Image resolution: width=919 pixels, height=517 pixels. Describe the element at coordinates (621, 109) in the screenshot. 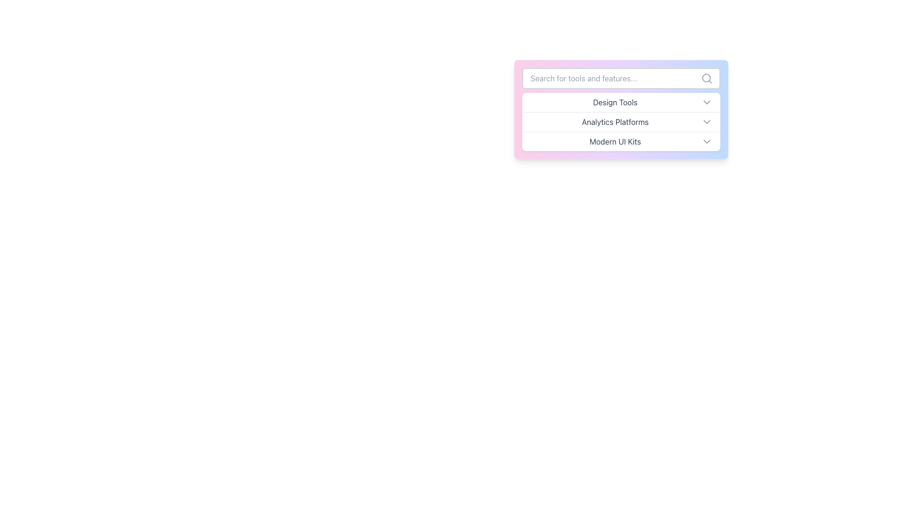

I see `the 'Design Tools' option from the centrally placed dropdown menu by clicking on it` at that location.